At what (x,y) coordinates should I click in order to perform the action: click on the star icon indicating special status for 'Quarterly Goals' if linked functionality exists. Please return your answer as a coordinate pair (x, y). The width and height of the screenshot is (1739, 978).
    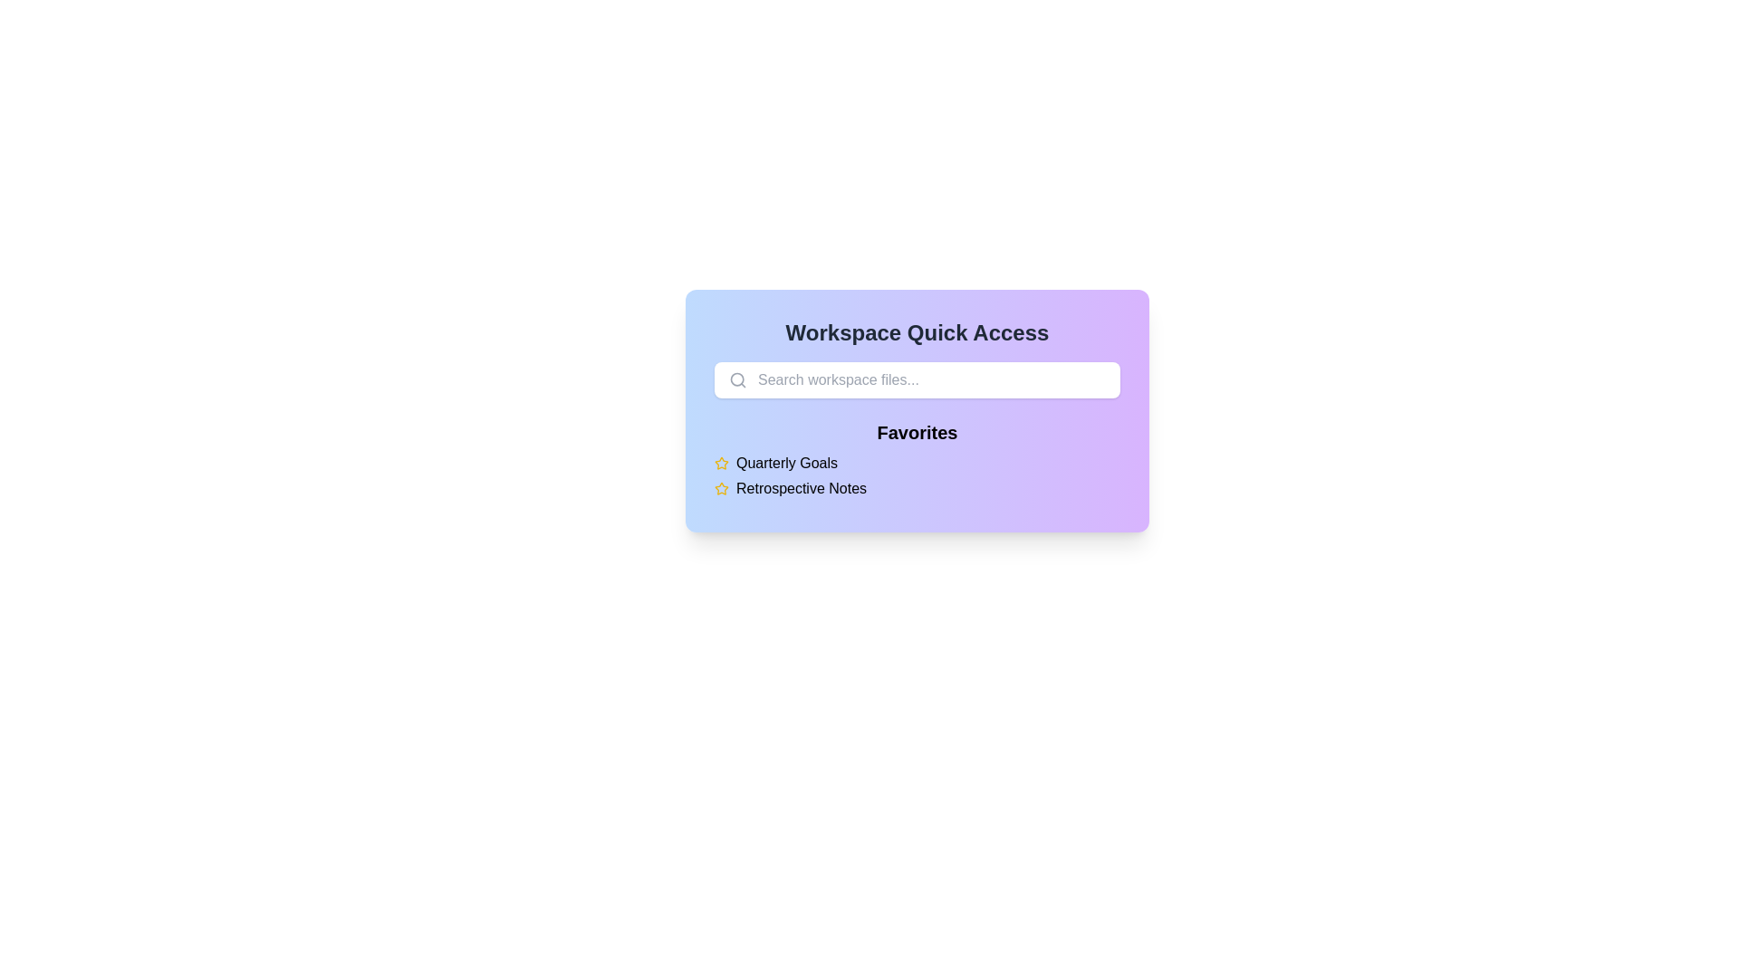
    Looking at the image, I should click on (720, 463).